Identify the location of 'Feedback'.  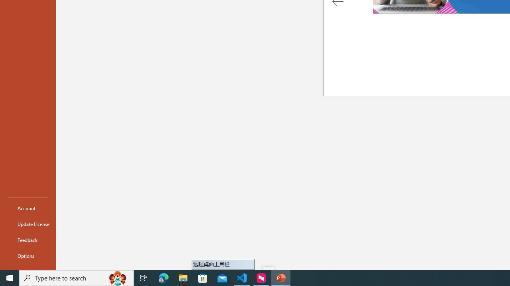
(27, 240).